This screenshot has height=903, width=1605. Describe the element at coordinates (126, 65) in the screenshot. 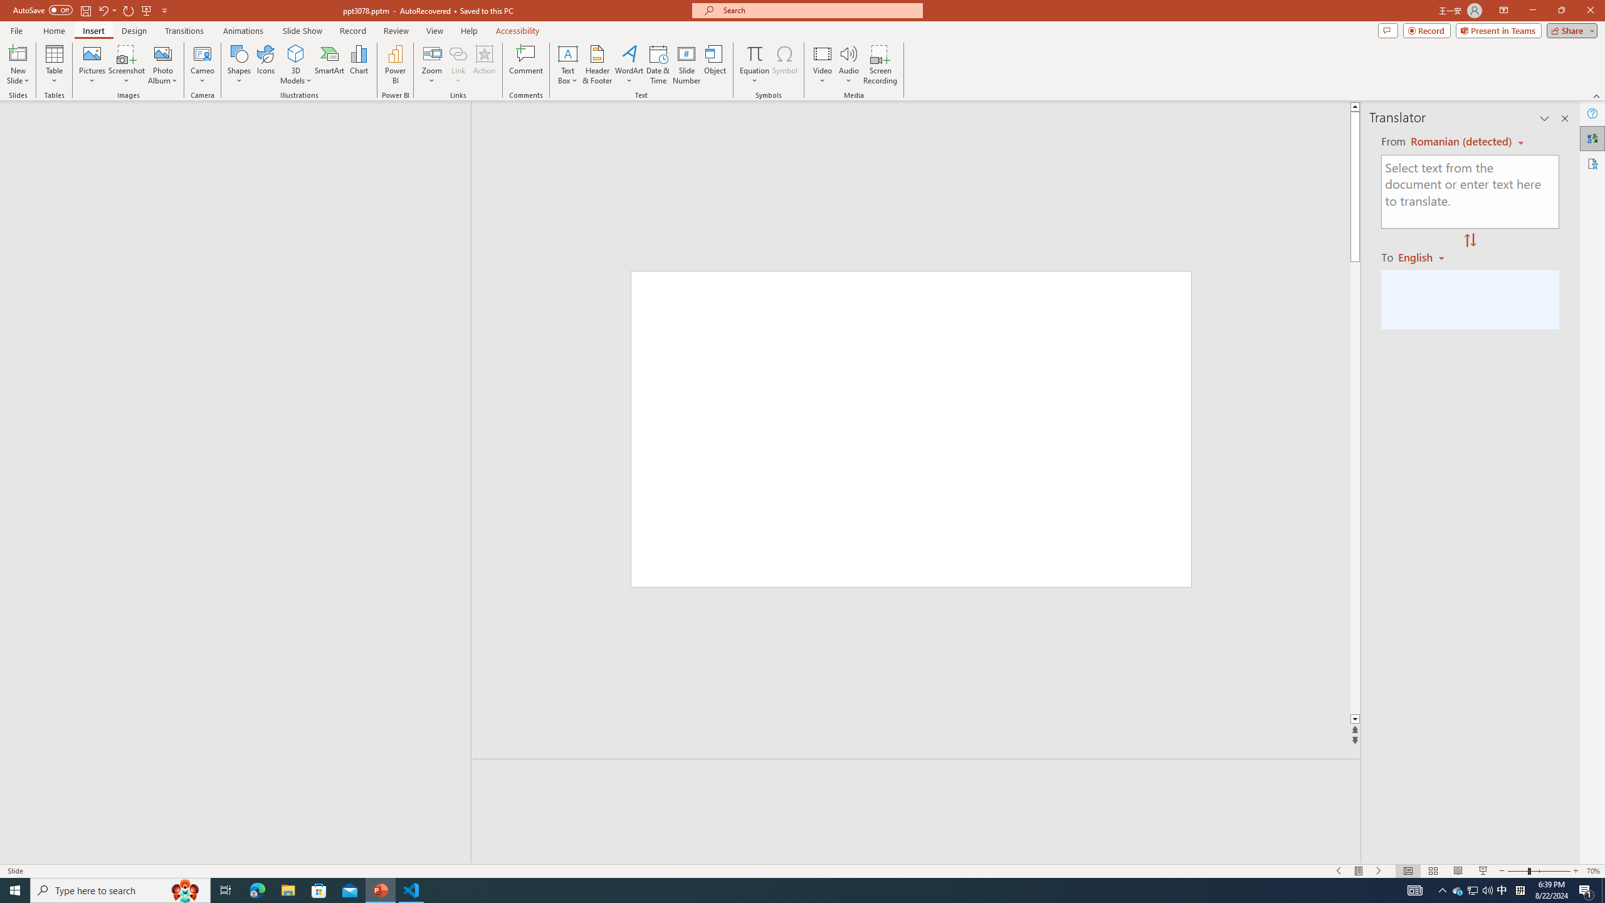

I see `'Screenshot'` at that location.